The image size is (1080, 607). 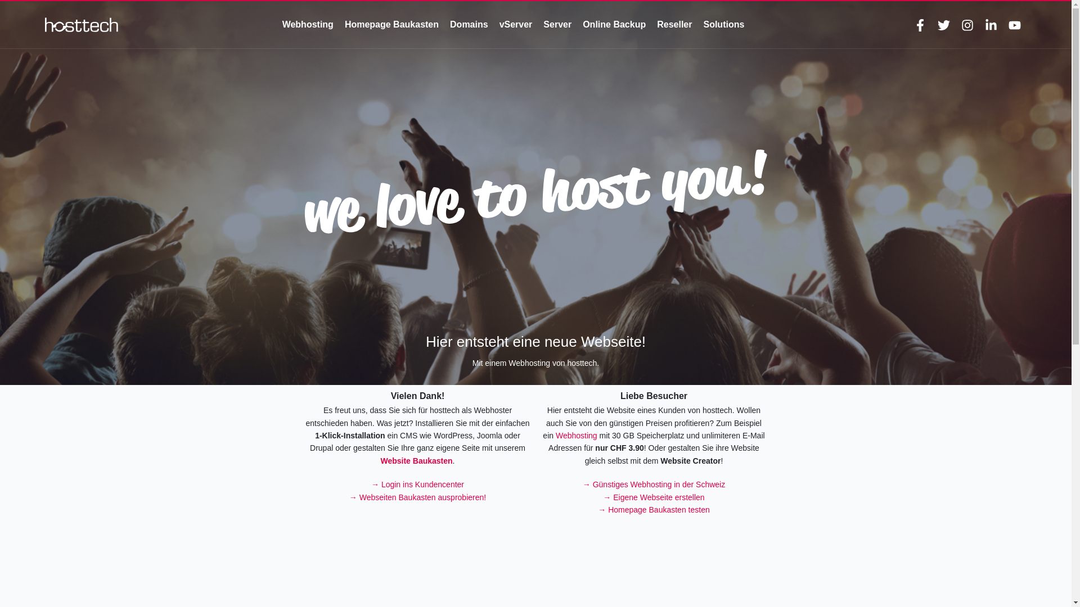 I want to click on 'Website Baukasten', so click(x=380, y=461).